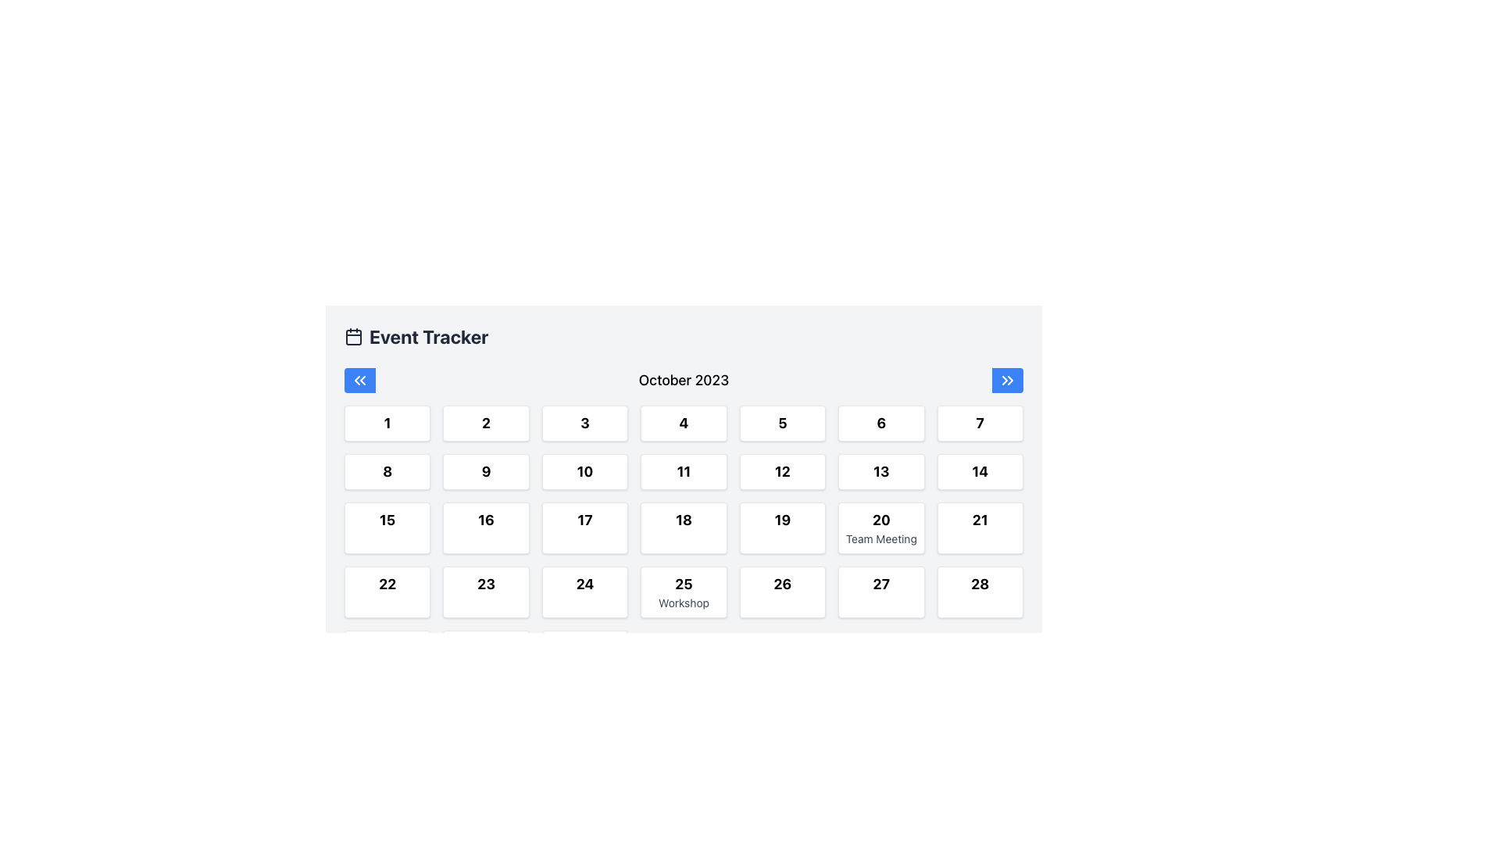 This screenshot has width=1500, height=844. I want to click on the button representing the 4th day of the month in the calendar interface, so click(684, 424).